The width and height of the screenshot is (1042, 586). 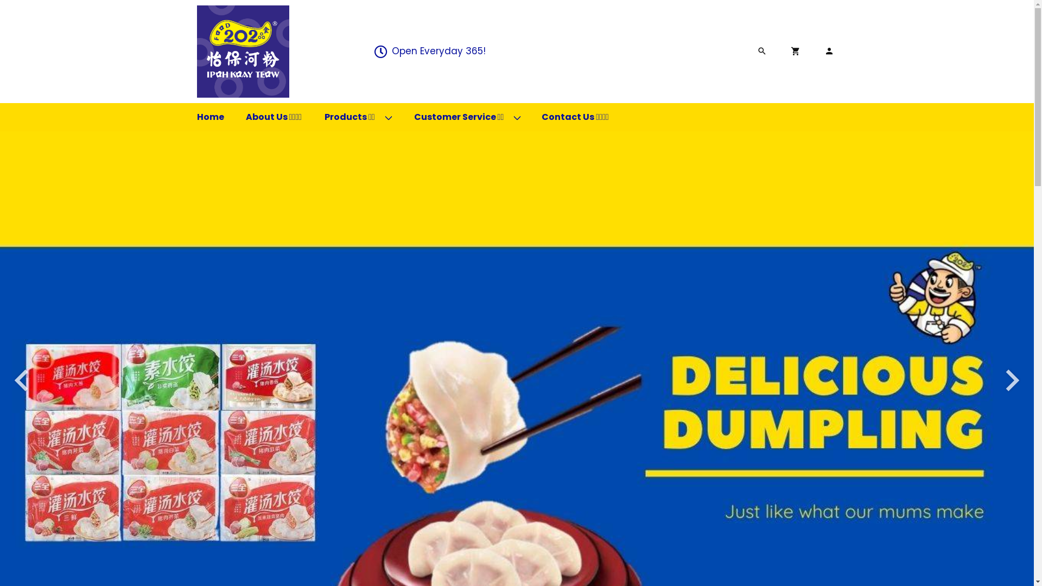 I want to click on 'Next', so click(x=1012, y=380).